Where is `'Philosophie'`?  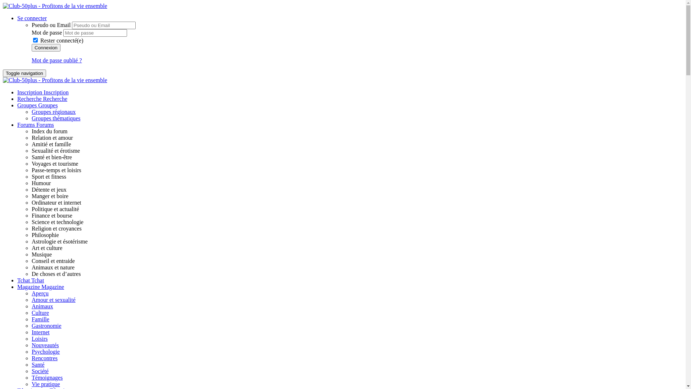 'Philosophie' is located at coordinates (31, 235).